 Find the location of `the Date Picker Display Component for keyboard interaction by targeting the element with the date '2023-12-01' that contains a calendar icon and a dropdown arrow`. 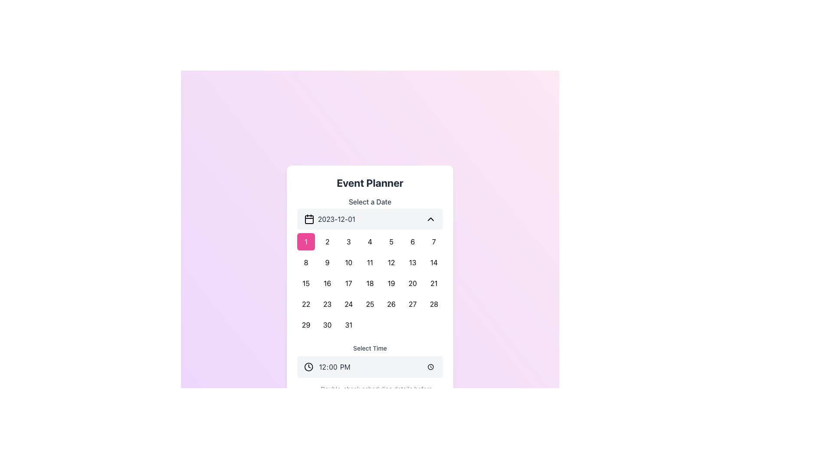

the Date Picker Display Component for keyboard interaction by targeting the element with the date '2023-12-01' that contains a calendar icon and a dropdown arrow is located at coordinates (370, 218).